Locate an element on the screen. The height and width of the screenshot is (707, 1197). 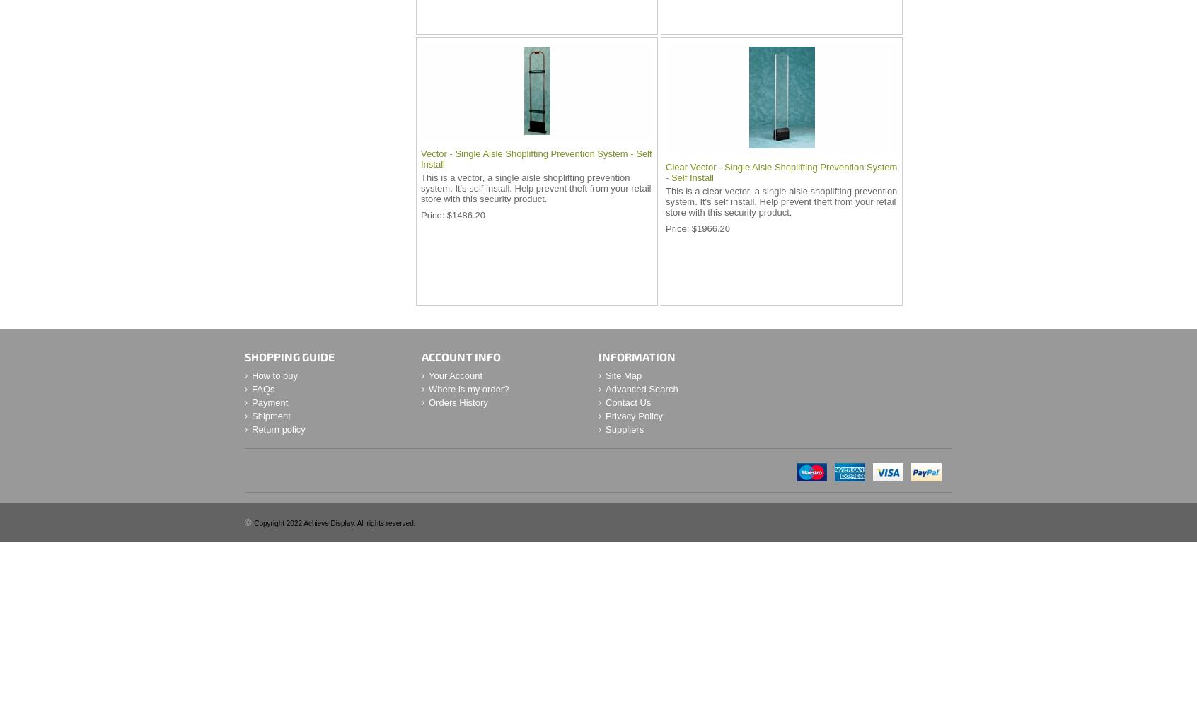
'Information' is located at coordinates (636, 356).